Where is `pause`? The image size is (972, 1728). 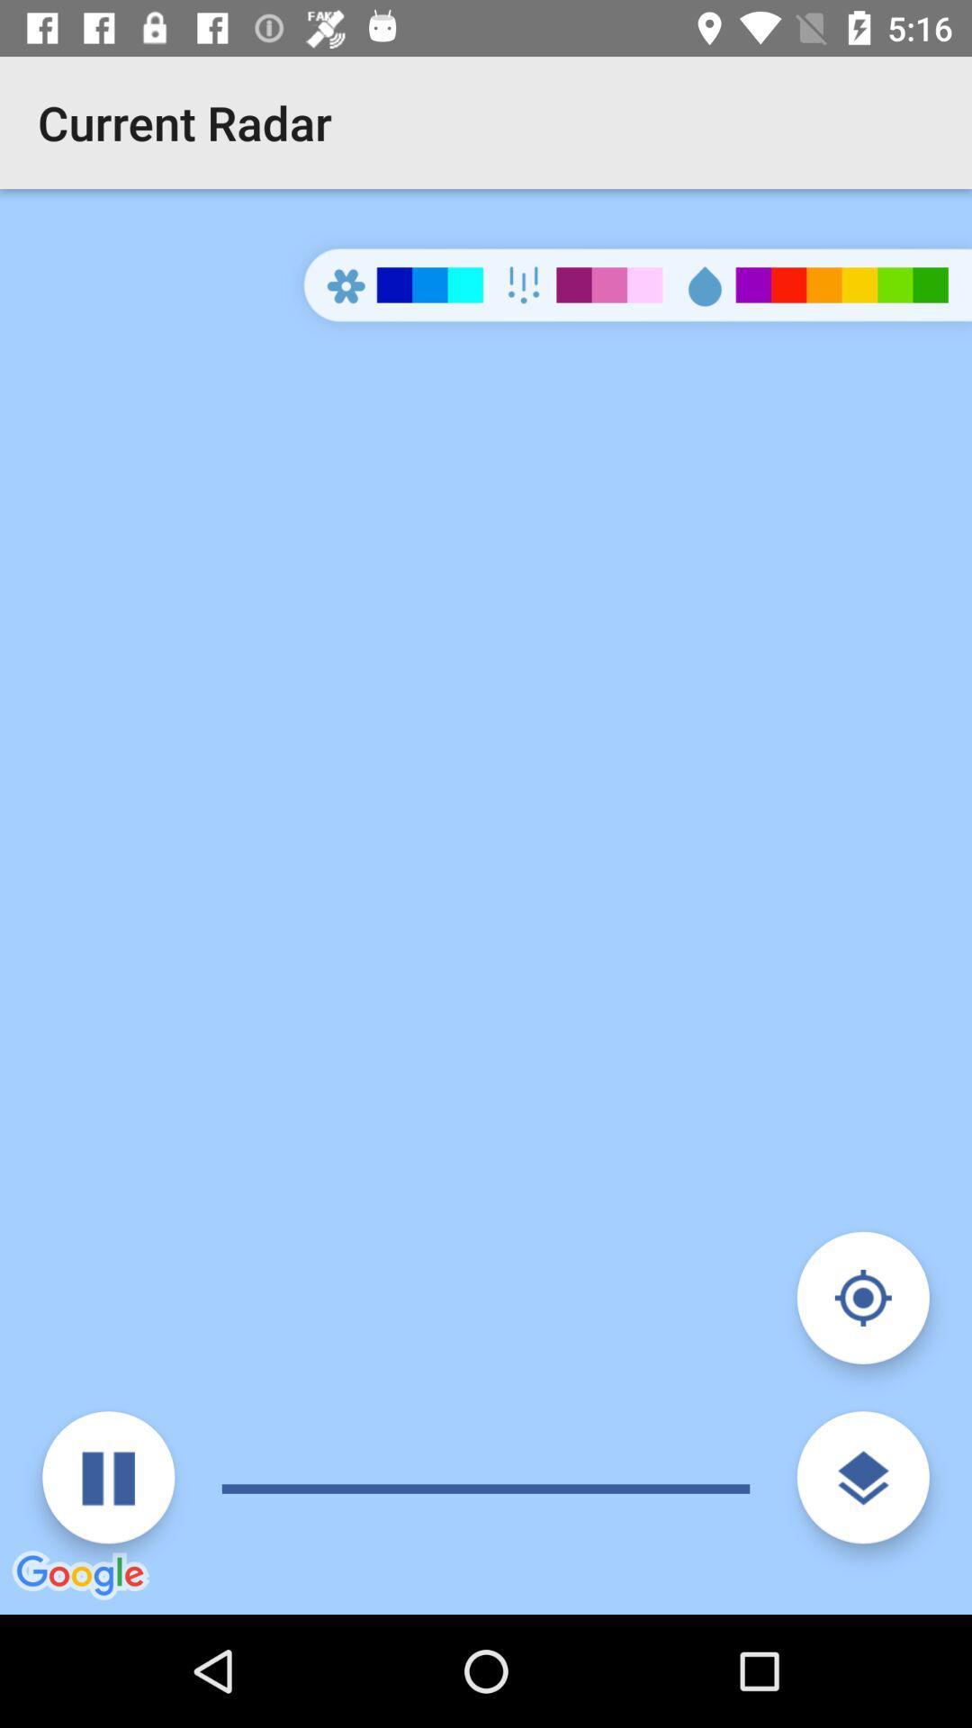 pause is located at coordinates (108, 1477).